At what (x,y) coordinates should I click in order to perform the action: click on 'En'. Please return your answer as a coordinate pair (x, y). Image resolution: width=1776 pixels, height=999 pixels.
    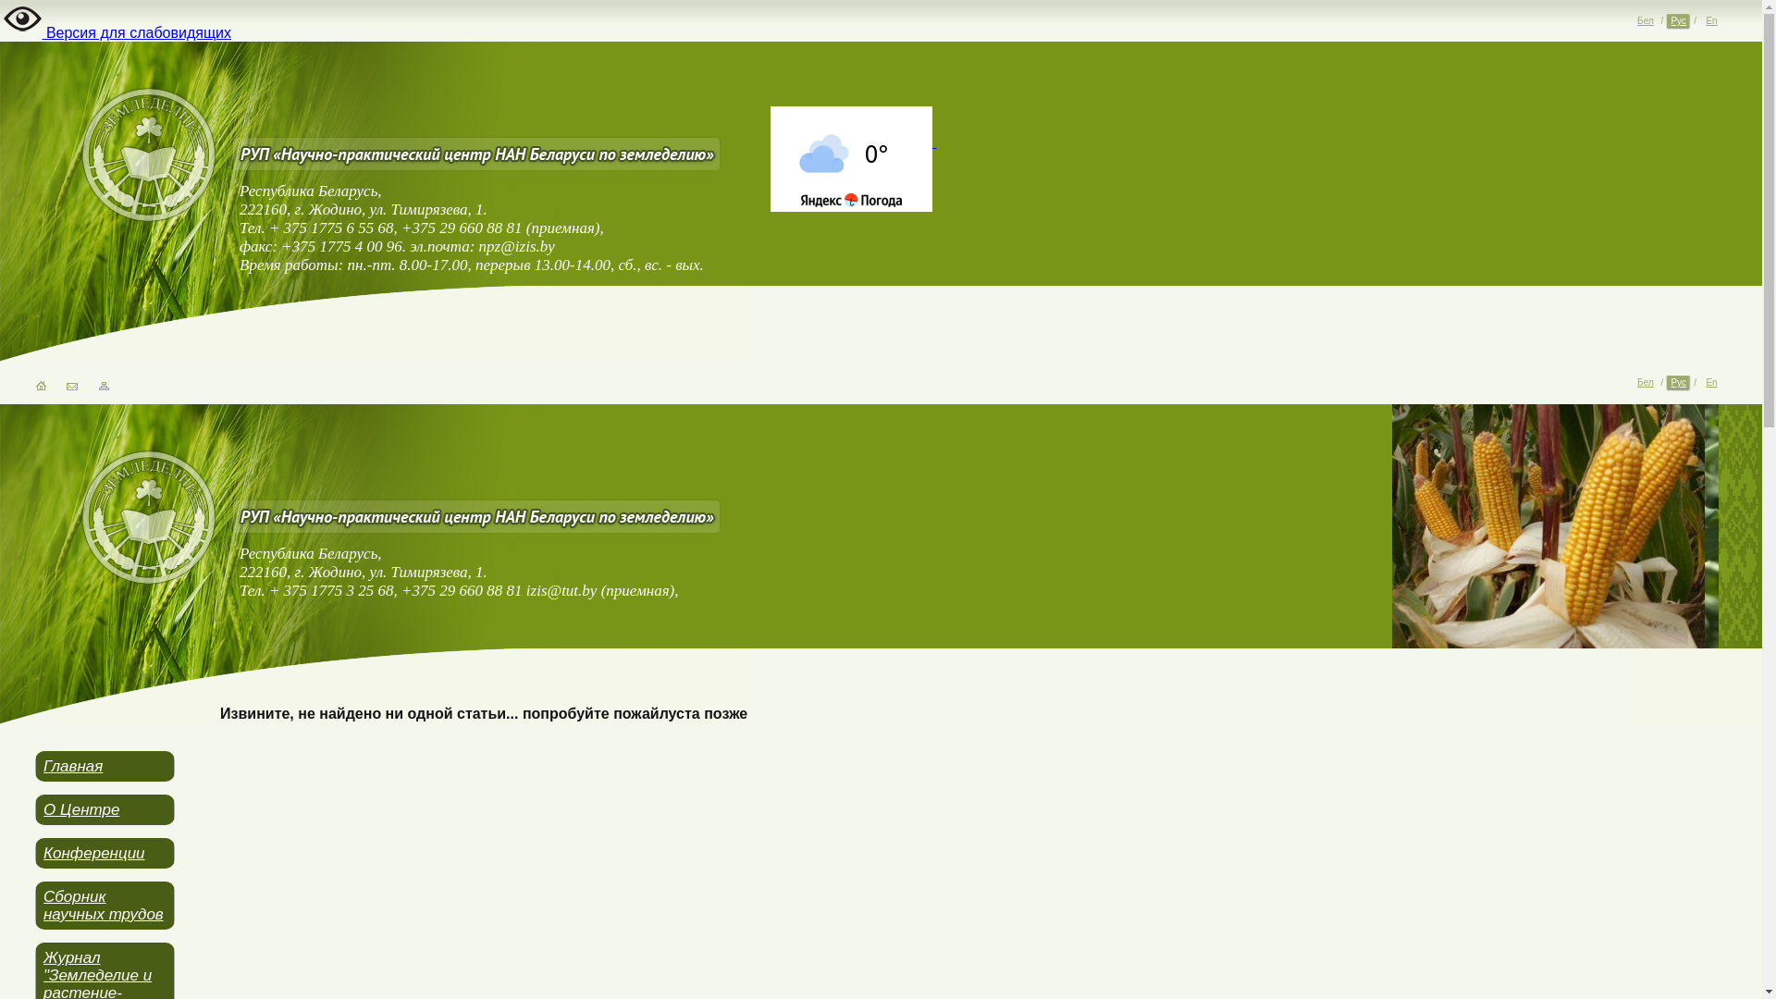
    Looking at the image, I should click on (1710, 21).